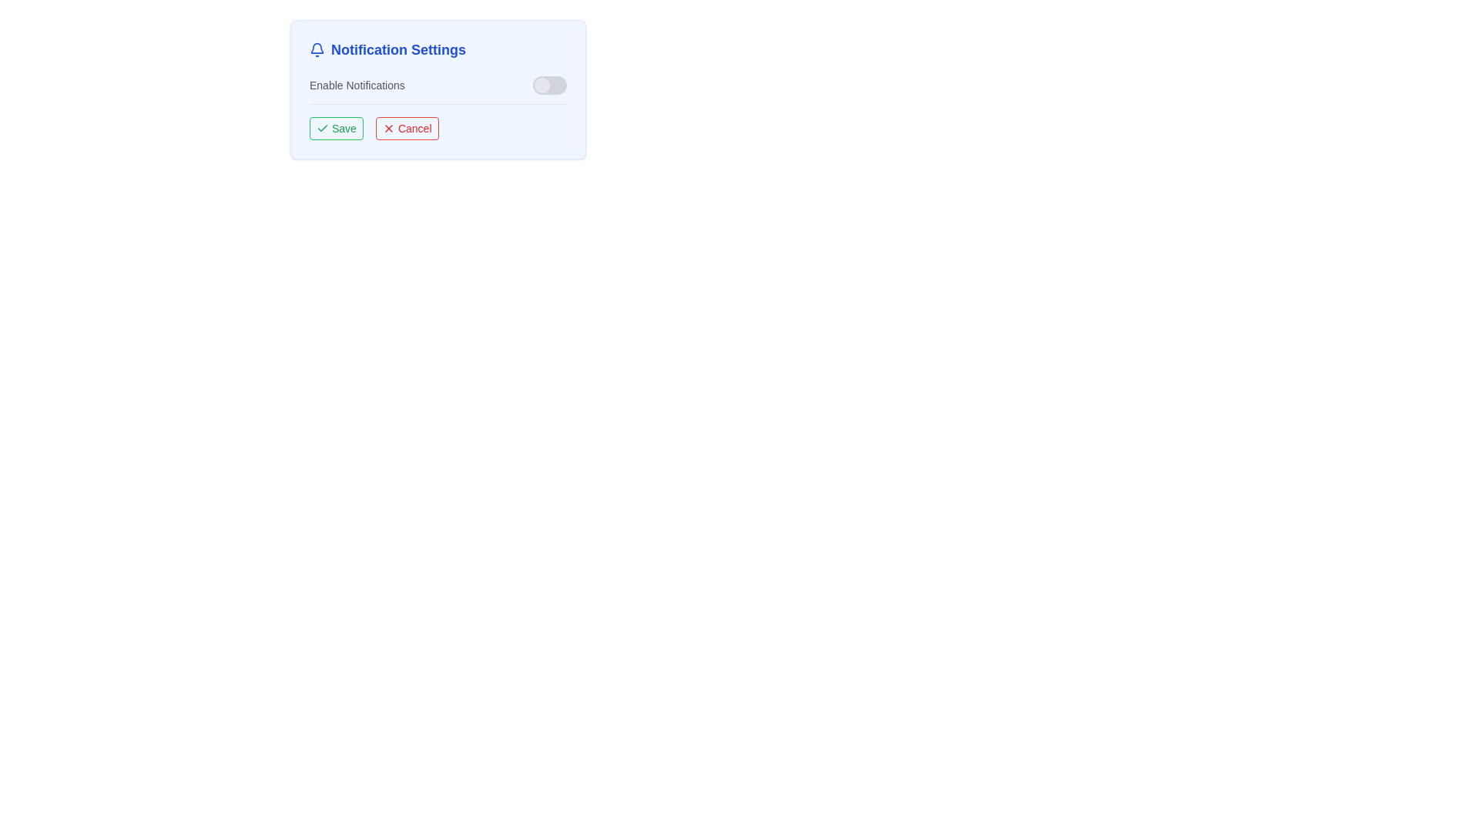 The image size is (1479, 832). Describe the element at coordinates (438, 86) in the screenshot. I see `the toggle switch located in the second row of the 'Notification Settings' section to change its state` at that location.